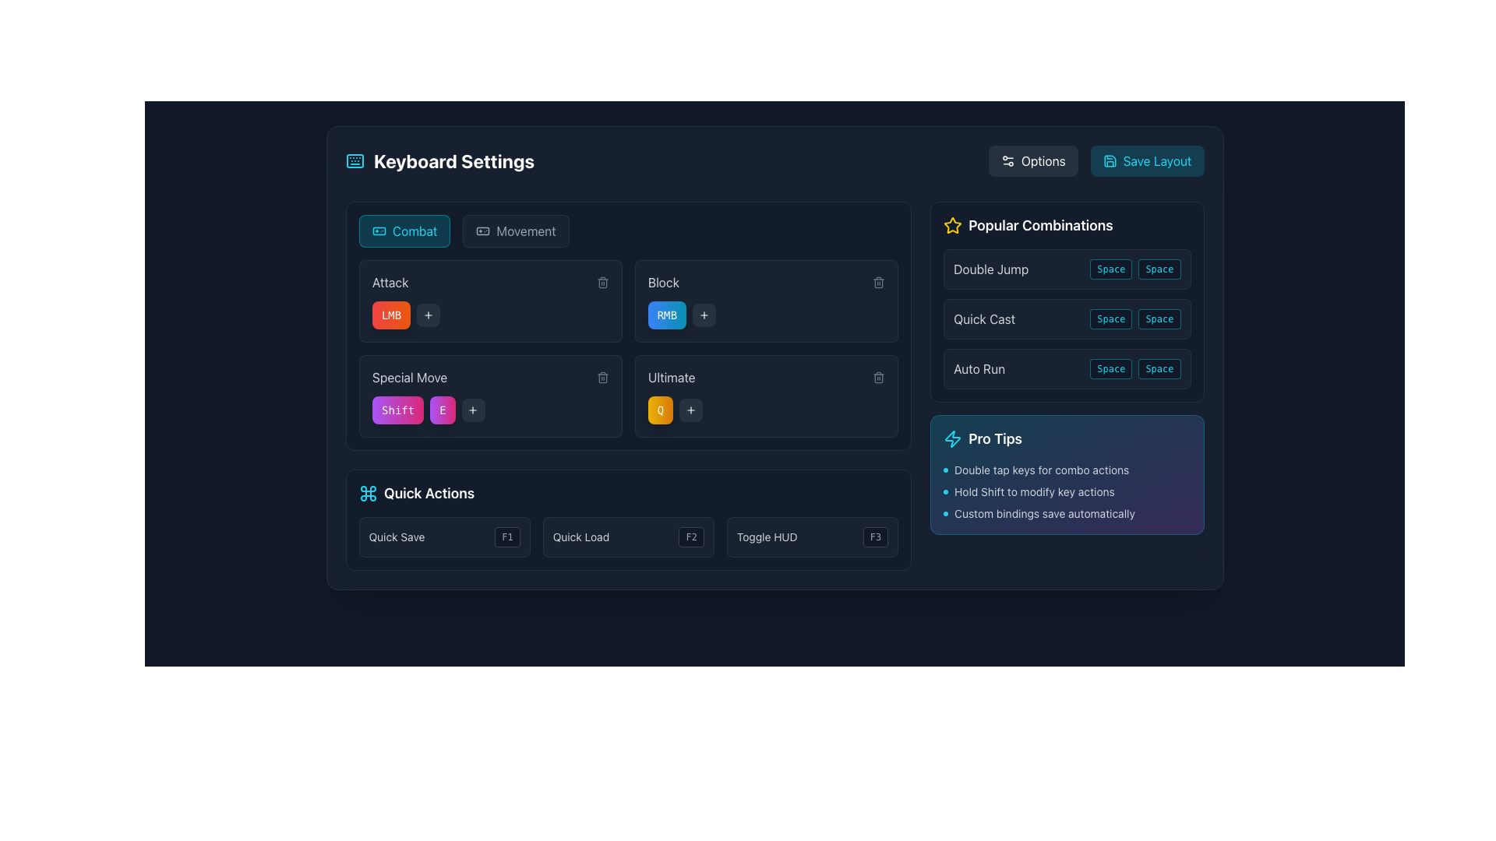  What do you see at coordinates (516, 231) in the screenshot?
I see `the second button in the 'Keyboard Settings' panel that is labeled for 'Movement', located to the right of the 'Combat' button` at bounding box center [516, 231].